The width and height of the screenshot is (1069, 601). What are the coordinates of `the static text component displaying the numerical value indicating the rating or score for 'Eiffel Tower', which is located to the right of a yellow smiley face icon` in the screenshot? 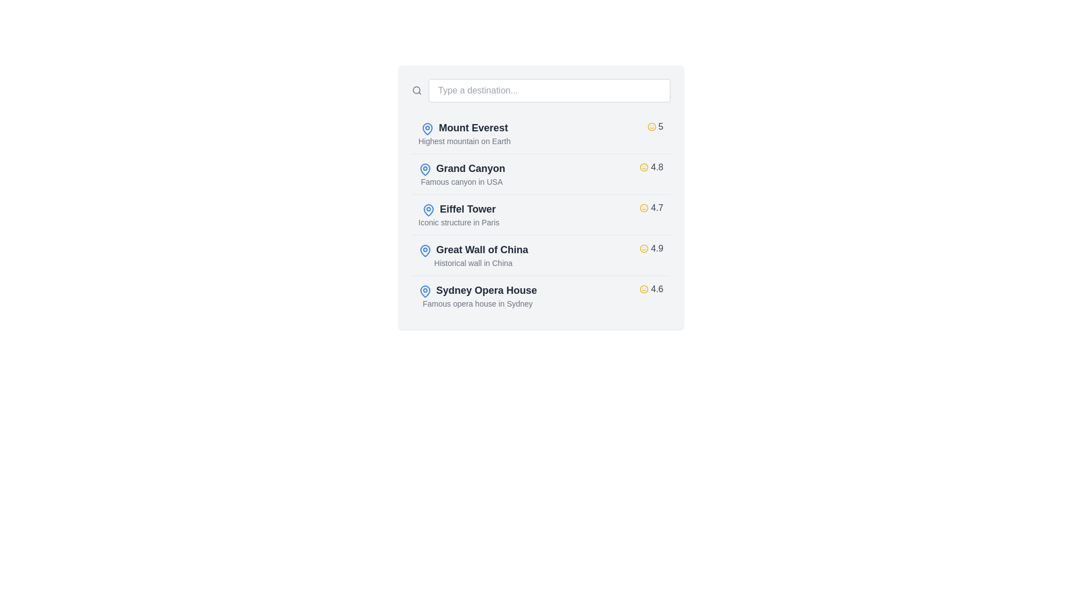 It's located at (657, 208).